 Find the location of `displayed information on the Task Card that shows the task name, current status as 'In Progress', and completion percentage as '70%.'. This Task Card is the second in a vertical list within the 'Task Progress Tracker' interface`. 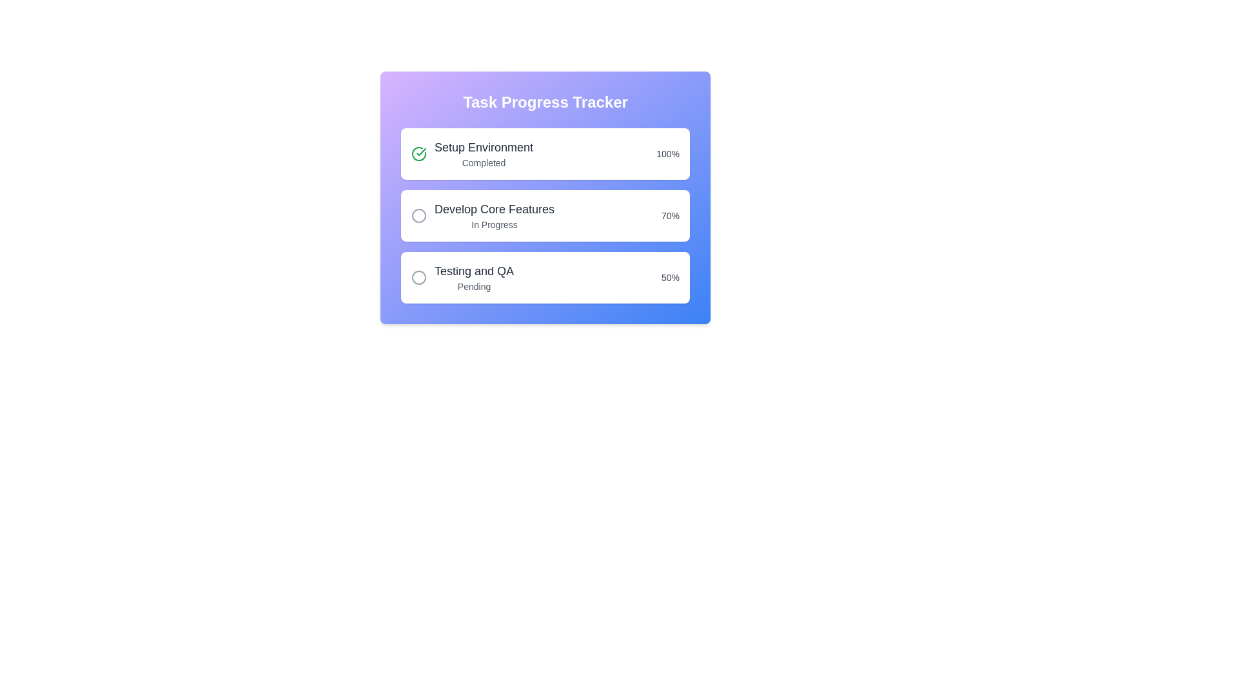

displayed information on the Task Card that shows the task name, current status as 'In Progress', and completion percentage as '70%.'. This Task Card is the second in a vertical list within the 'Task Progress Tracker' interface is located at coordinates (545, 215).